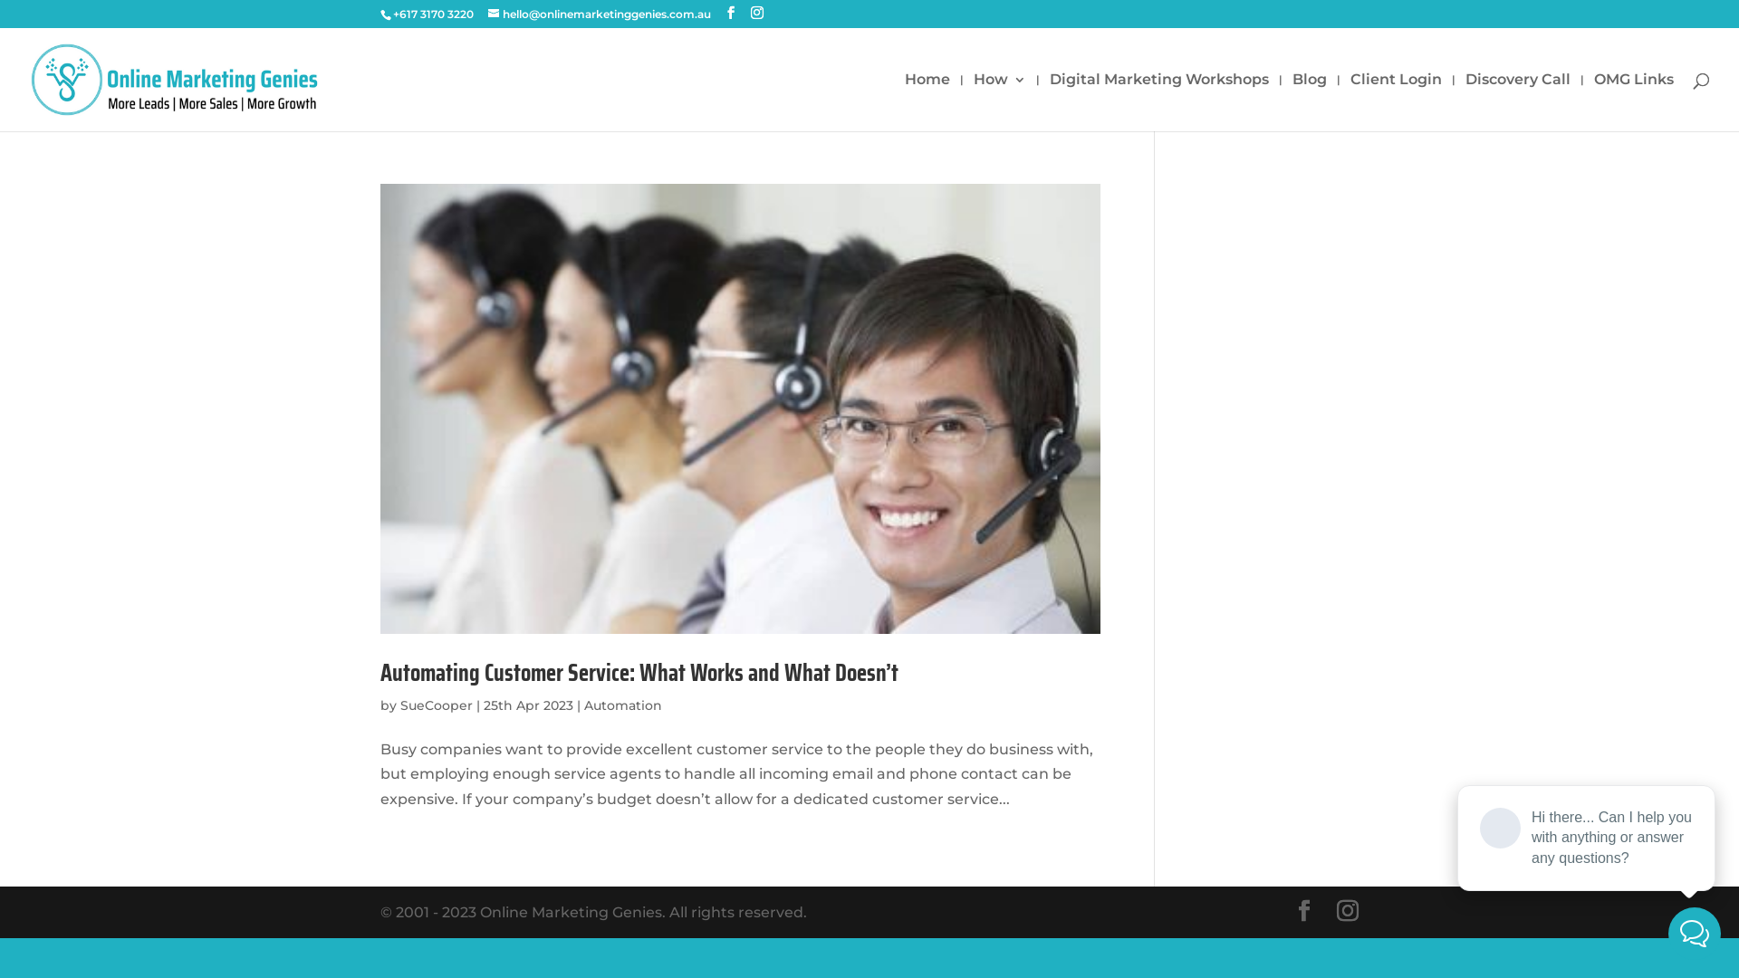  Describe the element at coordinates (1309, 101) in the screenshot. I see `'Blog'` at that location.